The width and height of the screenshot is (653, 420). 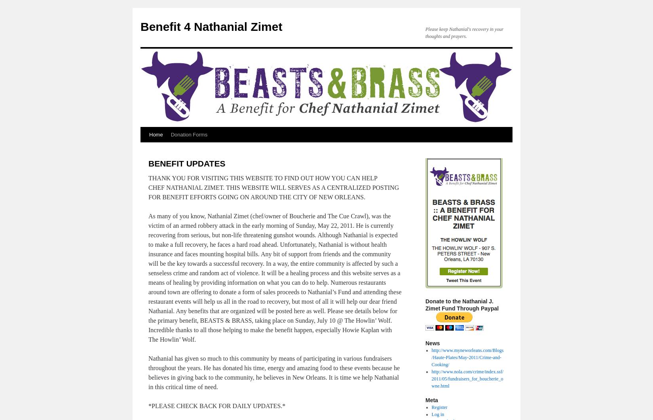 What do you see at coordinates (425, 305) in the screenshot?
I see `'Donate to the Nathanial J. Zimet Fund Through Paypal'` at bounding box center [425, 305].